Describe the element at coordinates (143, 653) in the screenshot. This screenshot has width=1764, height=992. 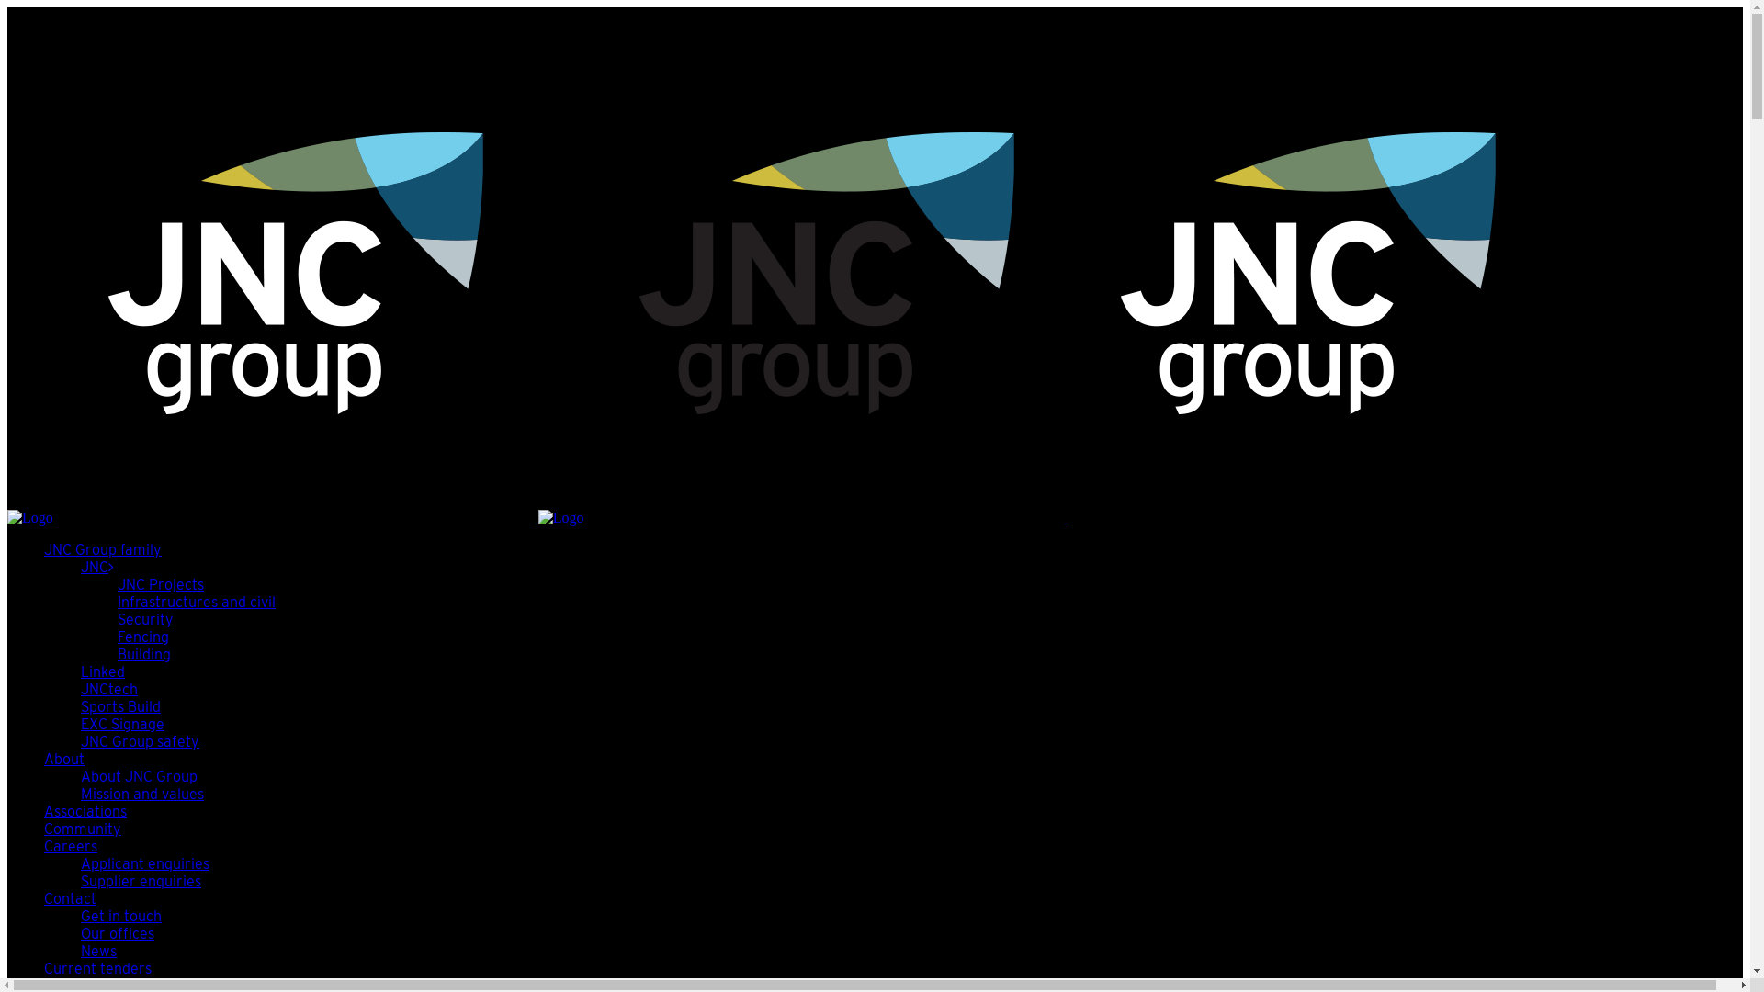
I see `'Building'` at that location.